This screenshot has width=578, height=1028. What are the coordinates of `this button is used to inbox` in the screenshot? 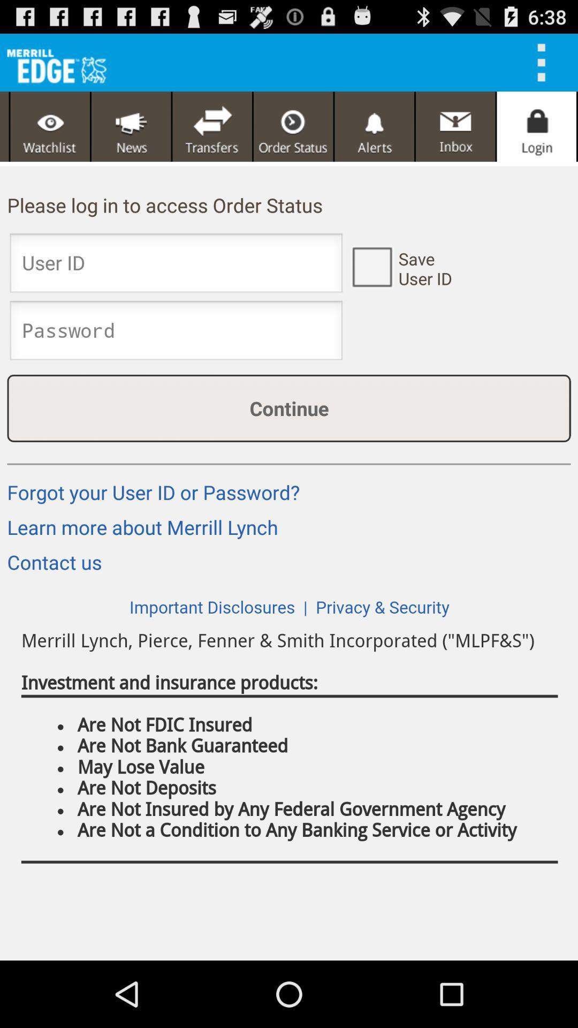 It's located at (455, 126).